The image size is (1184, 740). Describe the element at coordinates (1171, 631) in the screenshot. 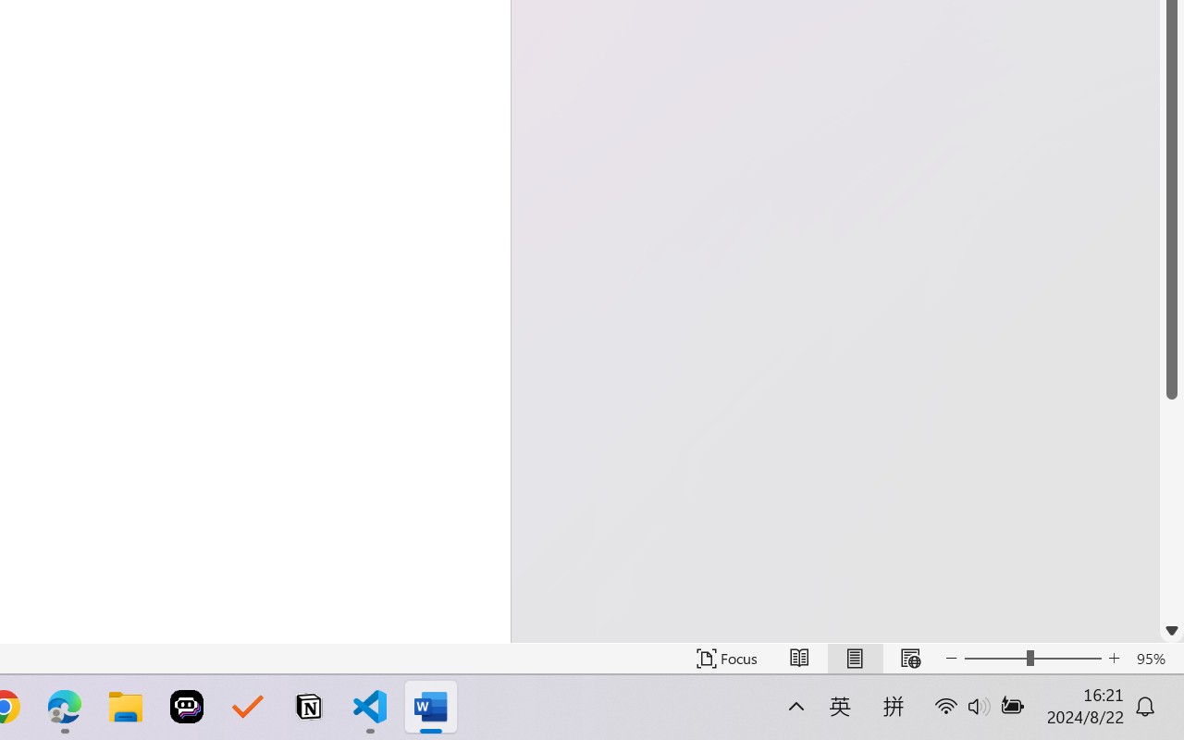

I see `'Line down'` at that location.